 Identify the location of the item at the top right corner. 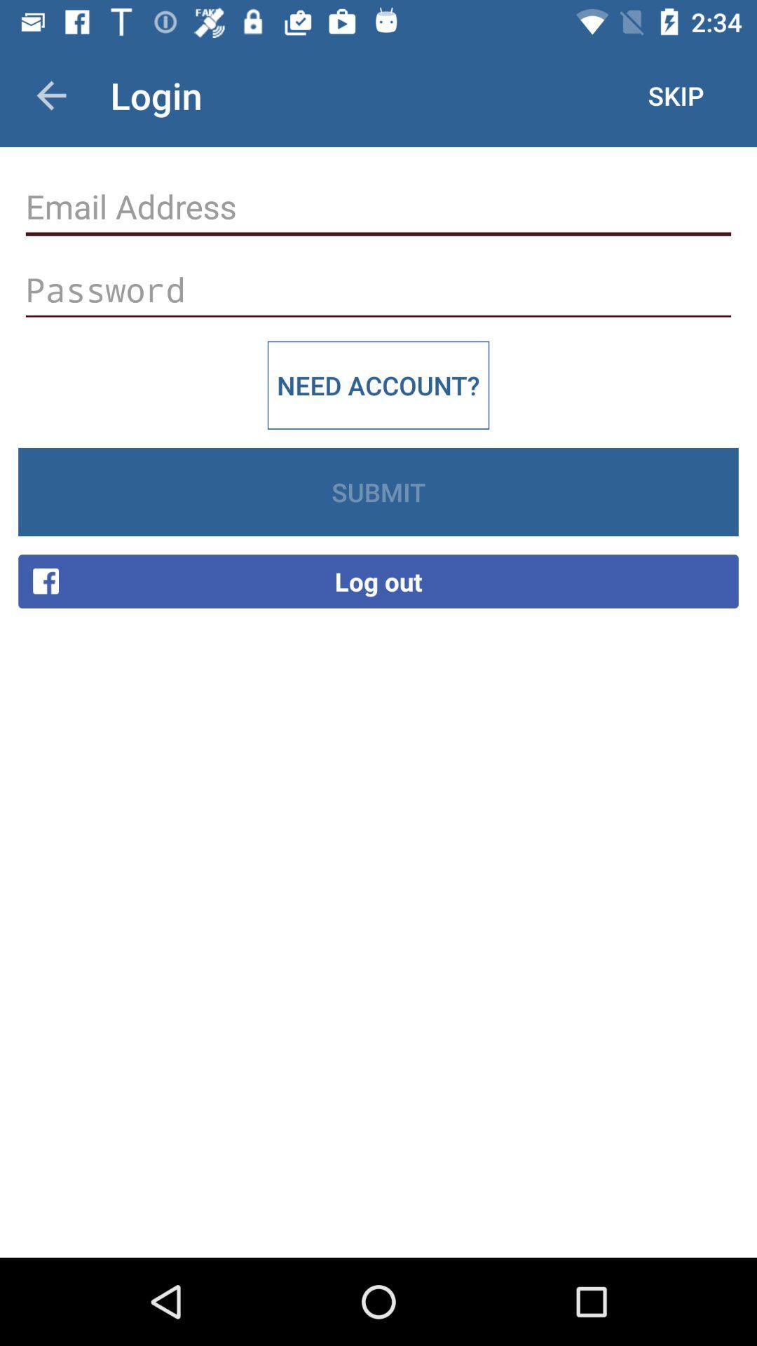
(675, 95).